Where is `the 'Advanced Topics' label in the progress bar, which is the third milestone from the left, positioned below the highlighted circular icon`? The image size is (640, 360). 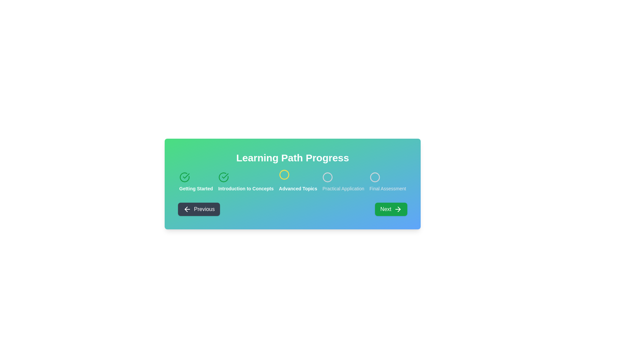 the 'Advanced Topics' label in the progress bar, which is the third milestone from the left, positioned below the highlighted circular icon is located at coordinates (298, 189).